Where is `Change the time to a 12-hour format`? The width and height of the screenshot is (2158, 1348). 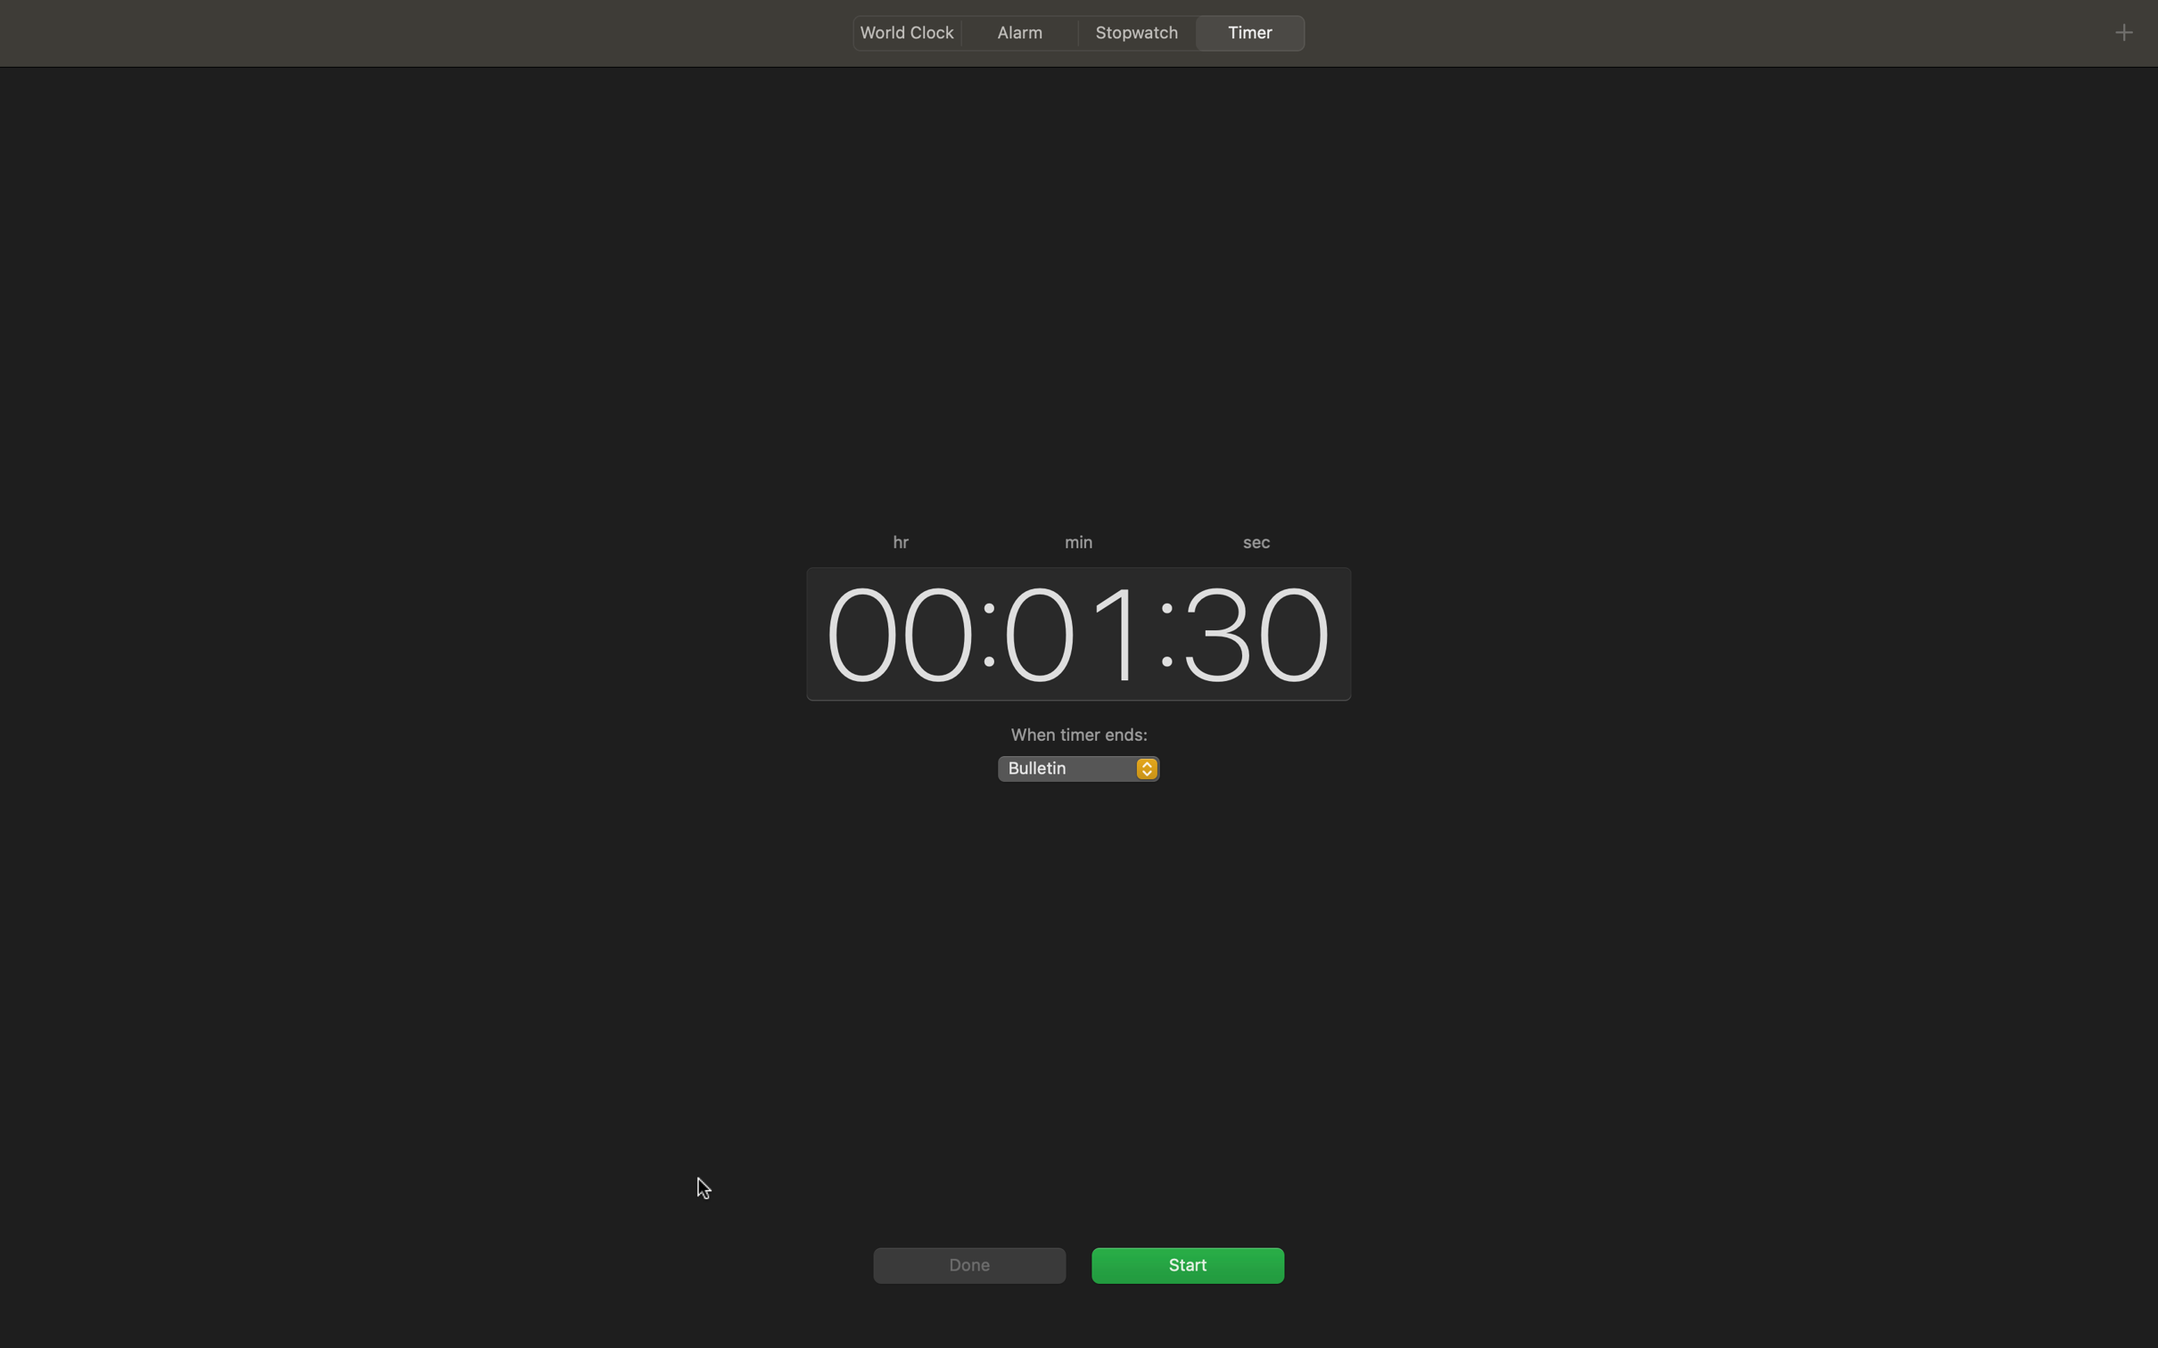
Change the time to a 12-hour format is located at coordinates (892, 630).